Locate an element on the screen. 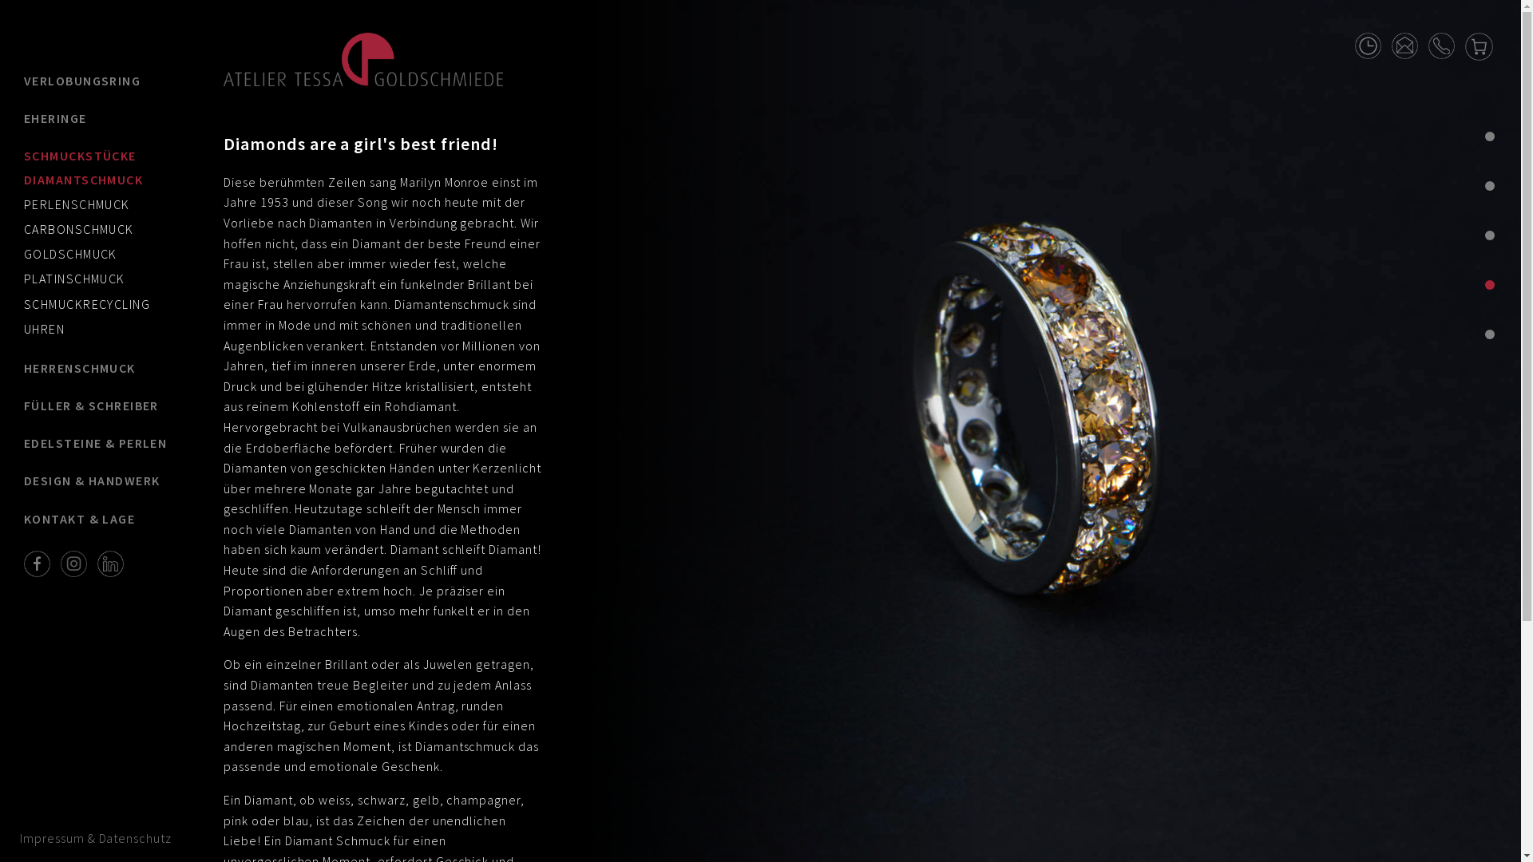 This screenshot has width=1533, height=862. 'PERLENSCHMUCK' is located at coordinates (76, 203).